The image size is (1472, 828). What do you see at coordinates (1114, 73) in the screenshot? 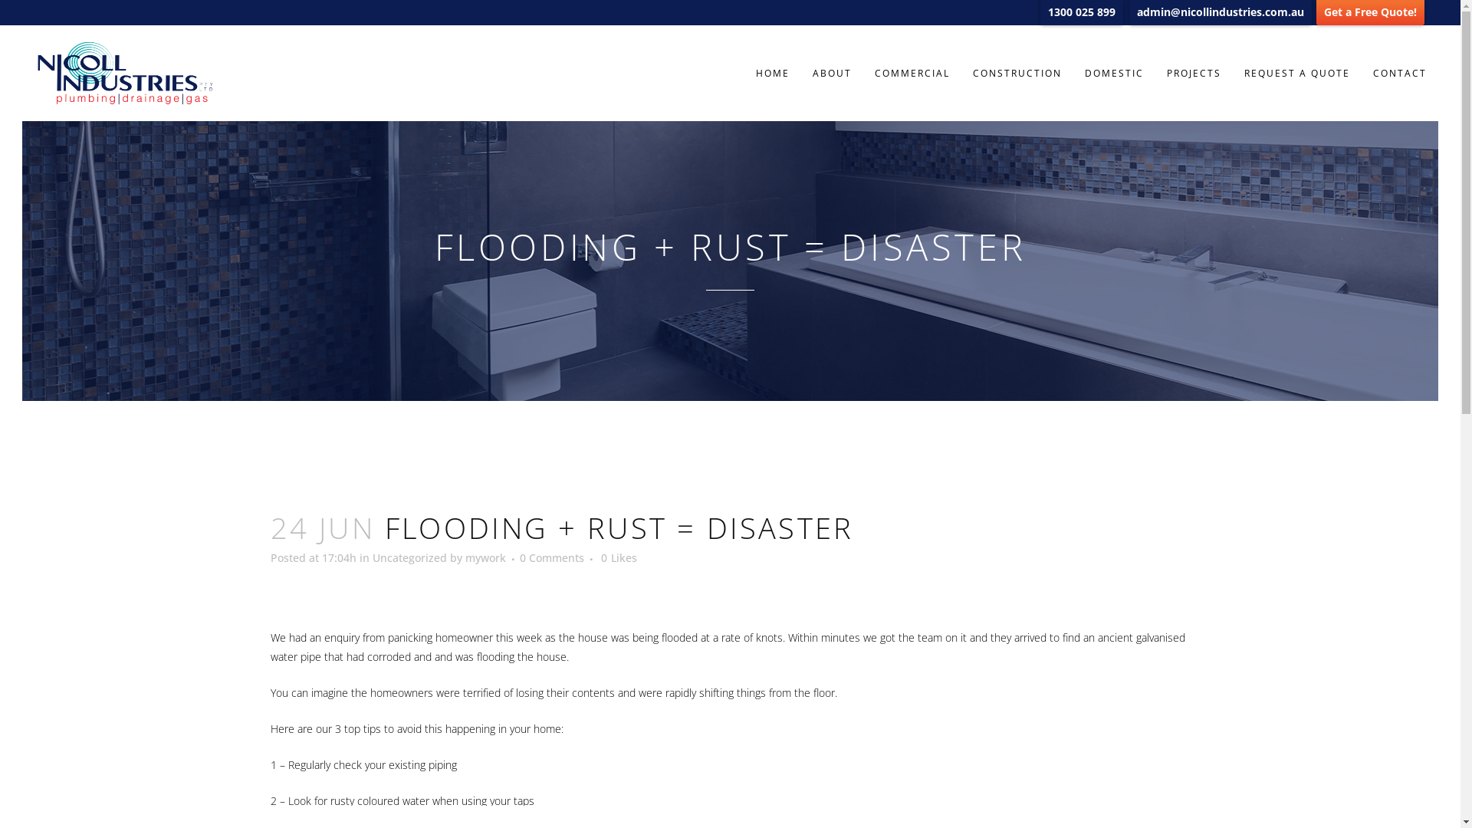
I see `'DOMESTIC'` at bounding box center [1114, 73].